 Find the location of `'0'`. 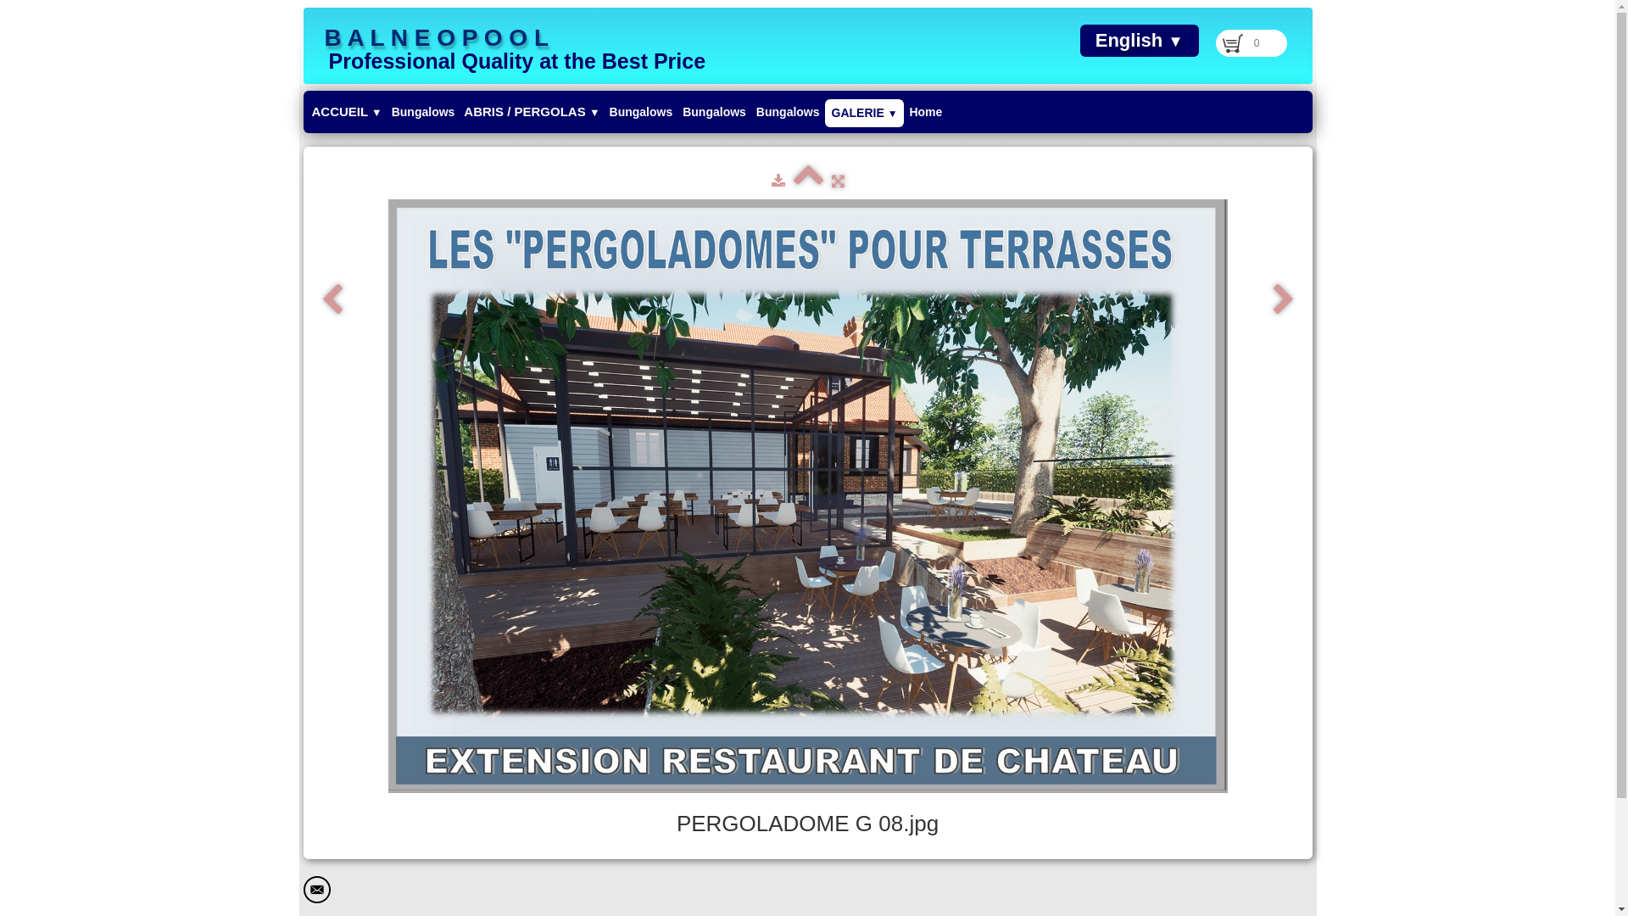

'0' is located at coordinates (1215, 42).